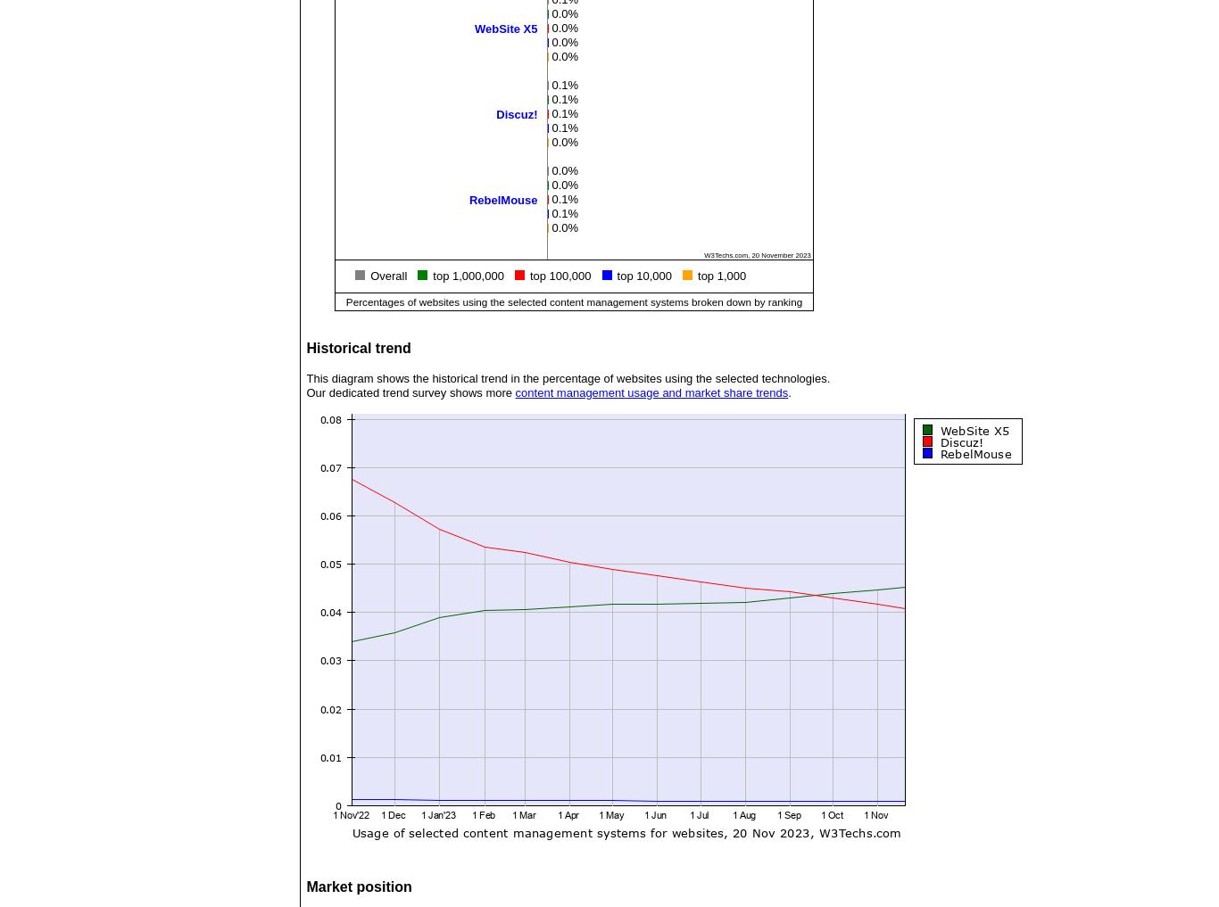 This screenshot has width=1219, height=907. I want to click on 'Overall', so click(387, 276).